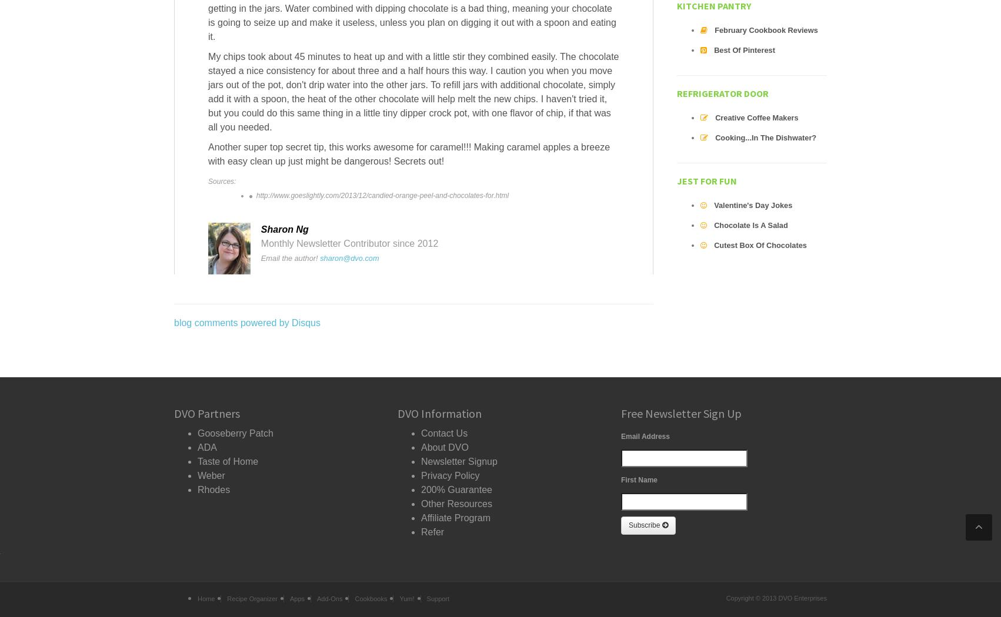 Image resolution: width=1001 pixels, height=617 pixels. I want to click on 'Email the author!', so click(260, 257).